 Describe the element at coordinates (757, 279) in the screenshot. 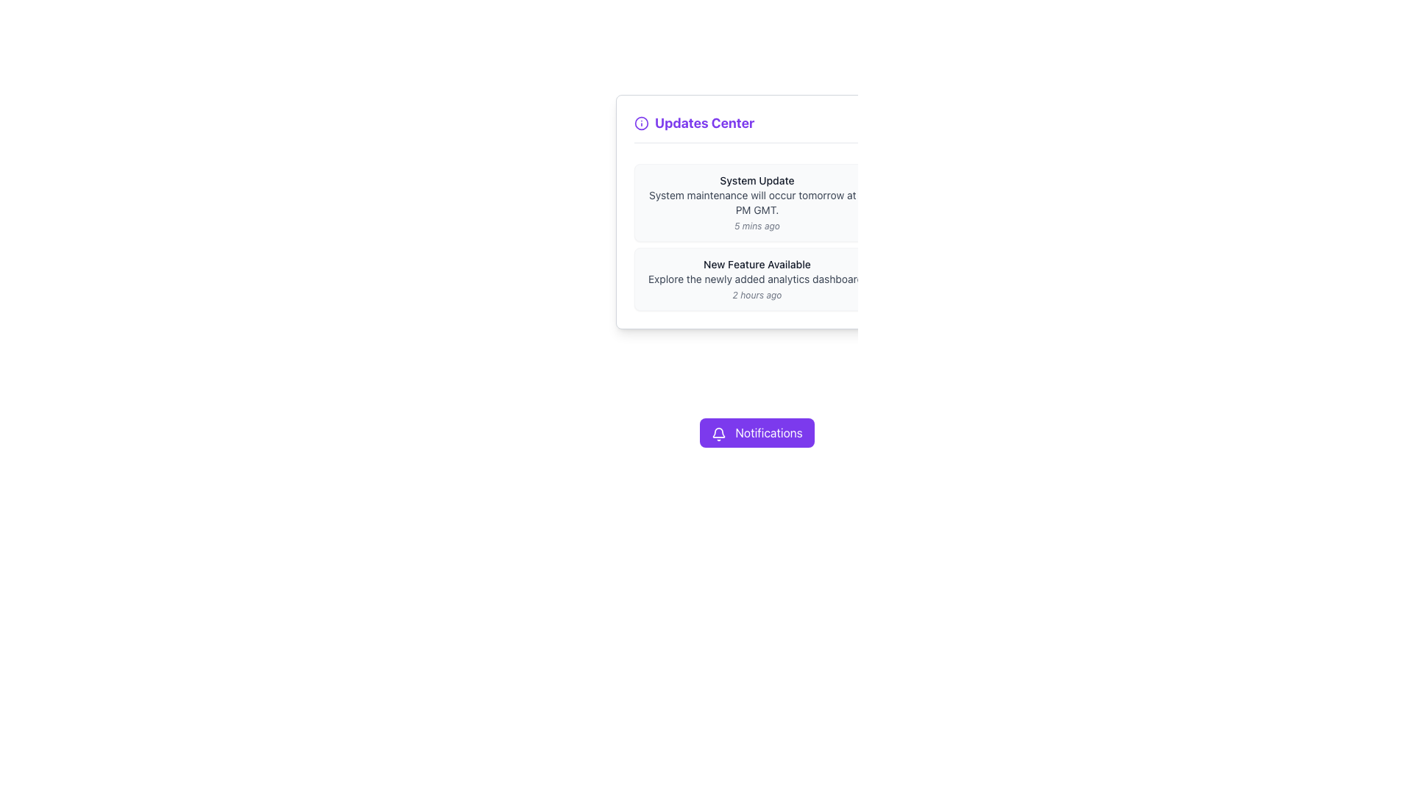

I see `the static text that reads 'Explore the newly added analytics dashboard.', which is styled in small gray font and is positioned between the title 'New Feature Available' and the timestamp '2 hours ago'` at that location.